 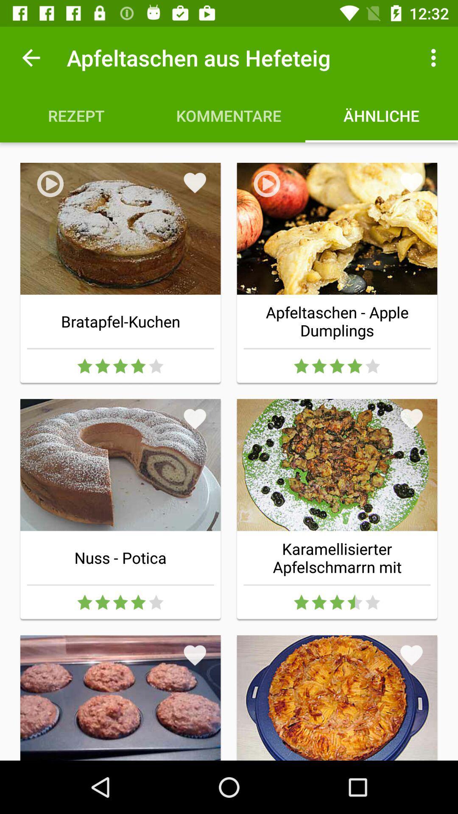 I want to click on icon to the left of the apfeltaschen aus hefeteig icon, so click(x=31, y=57).